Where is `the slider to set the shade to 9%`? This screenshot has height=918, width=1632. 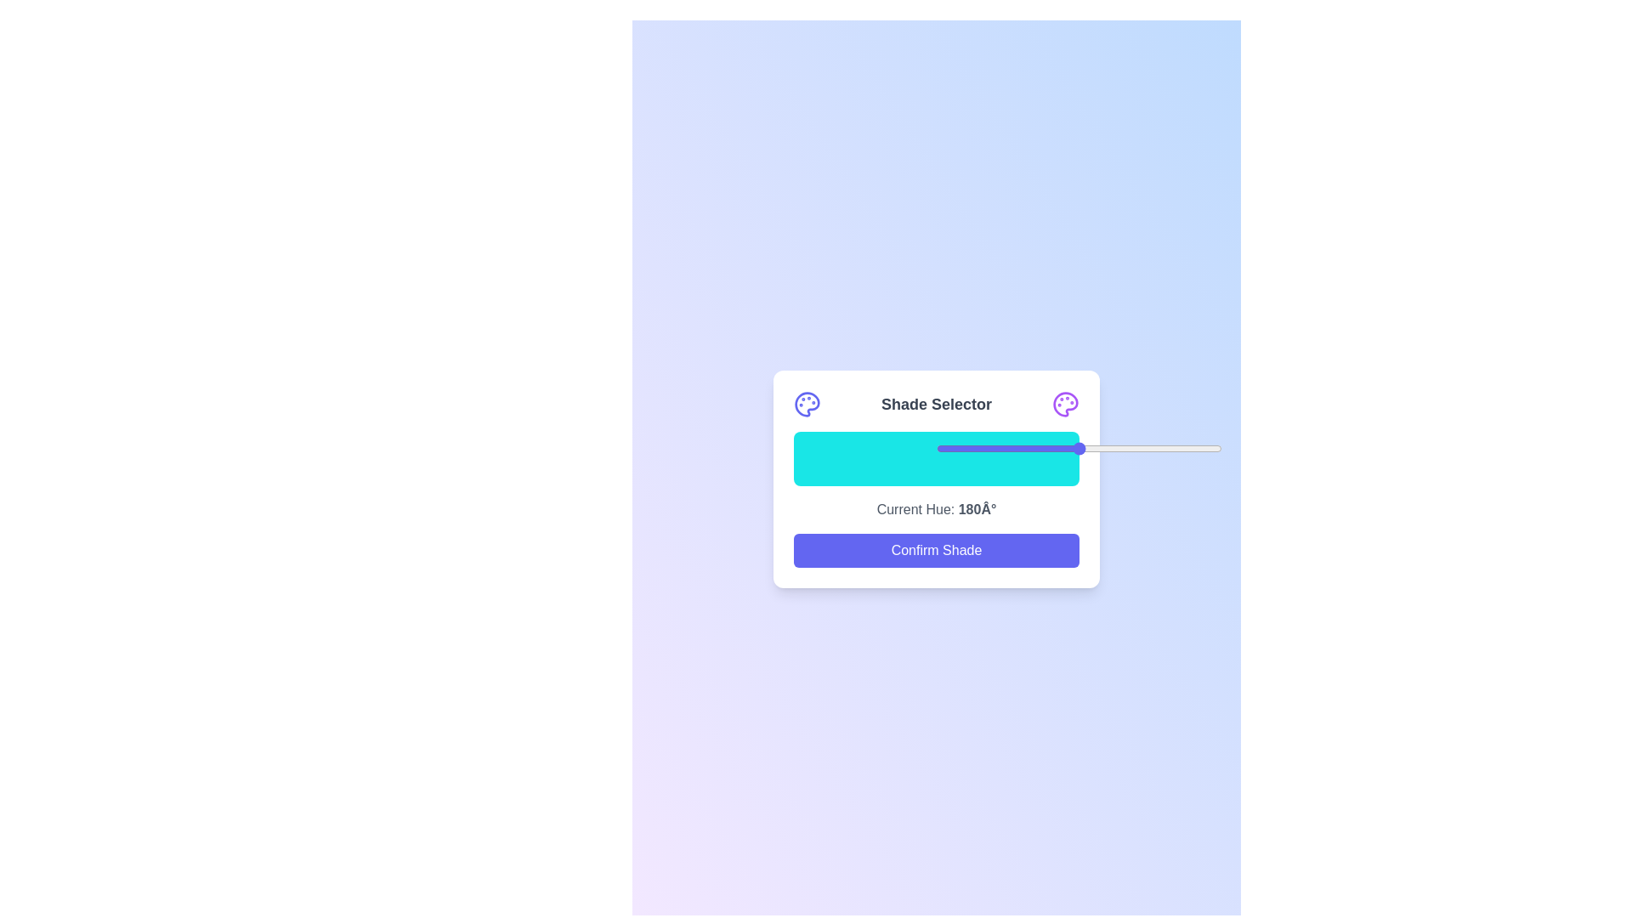 the slider to set the shade to 9% is located at coordinates (962, 448).